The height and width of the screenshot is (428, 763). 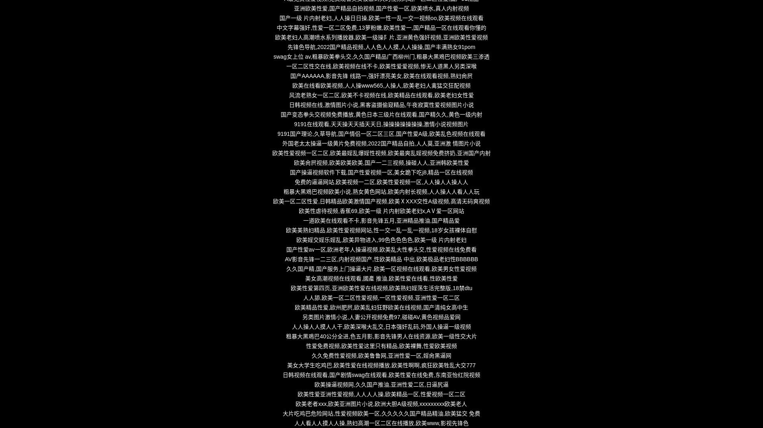 What do you see at coordinates (381, 133) in the screenshot?
I see `'9191国产理论,久草导航,国产情侣一区二区三区,国产性爱A级,欧美乱色视频在线观看'` at bounding box center [381, 133].